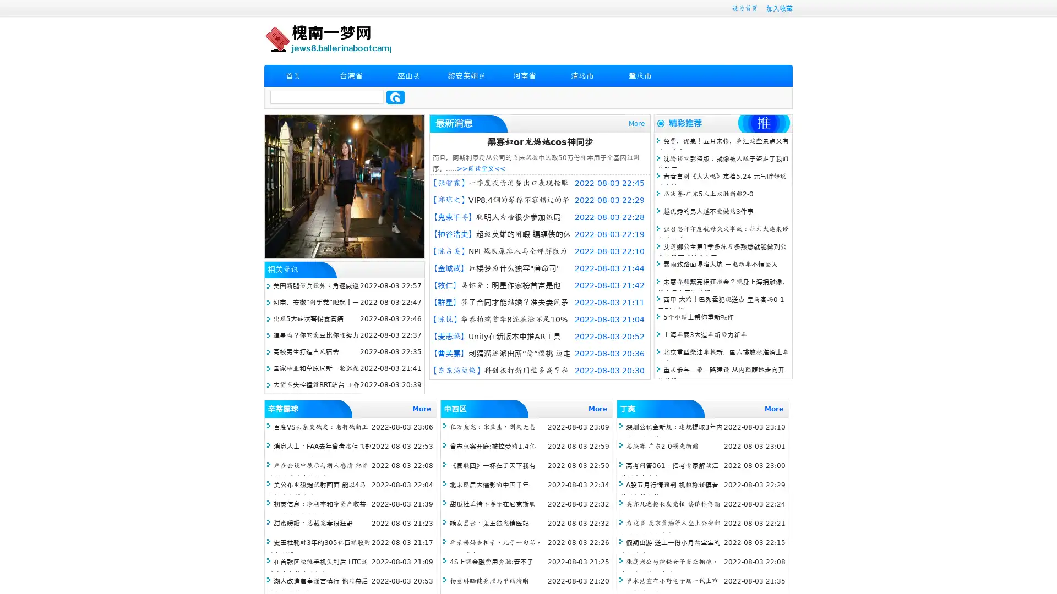  What do you see at coordinates (395, 97) in the screenshot?
I see `Search` at bounding box center [395, 97].